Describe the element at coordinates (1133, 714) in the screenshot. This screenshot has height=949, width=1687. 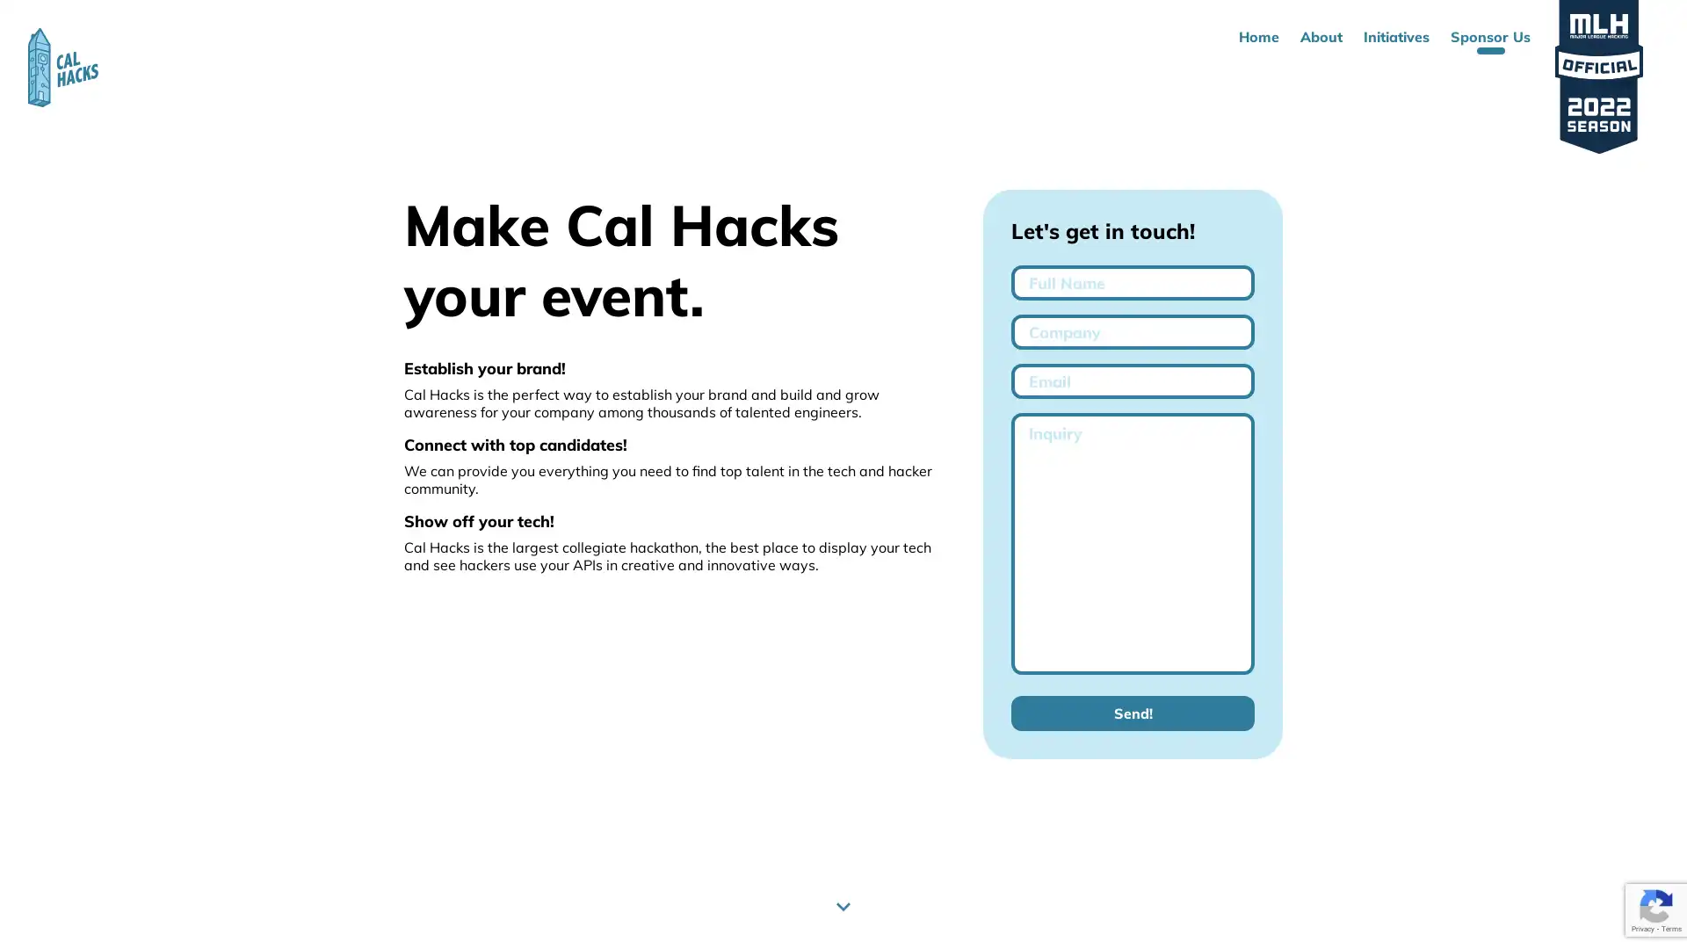
I see `Send!` at that location.